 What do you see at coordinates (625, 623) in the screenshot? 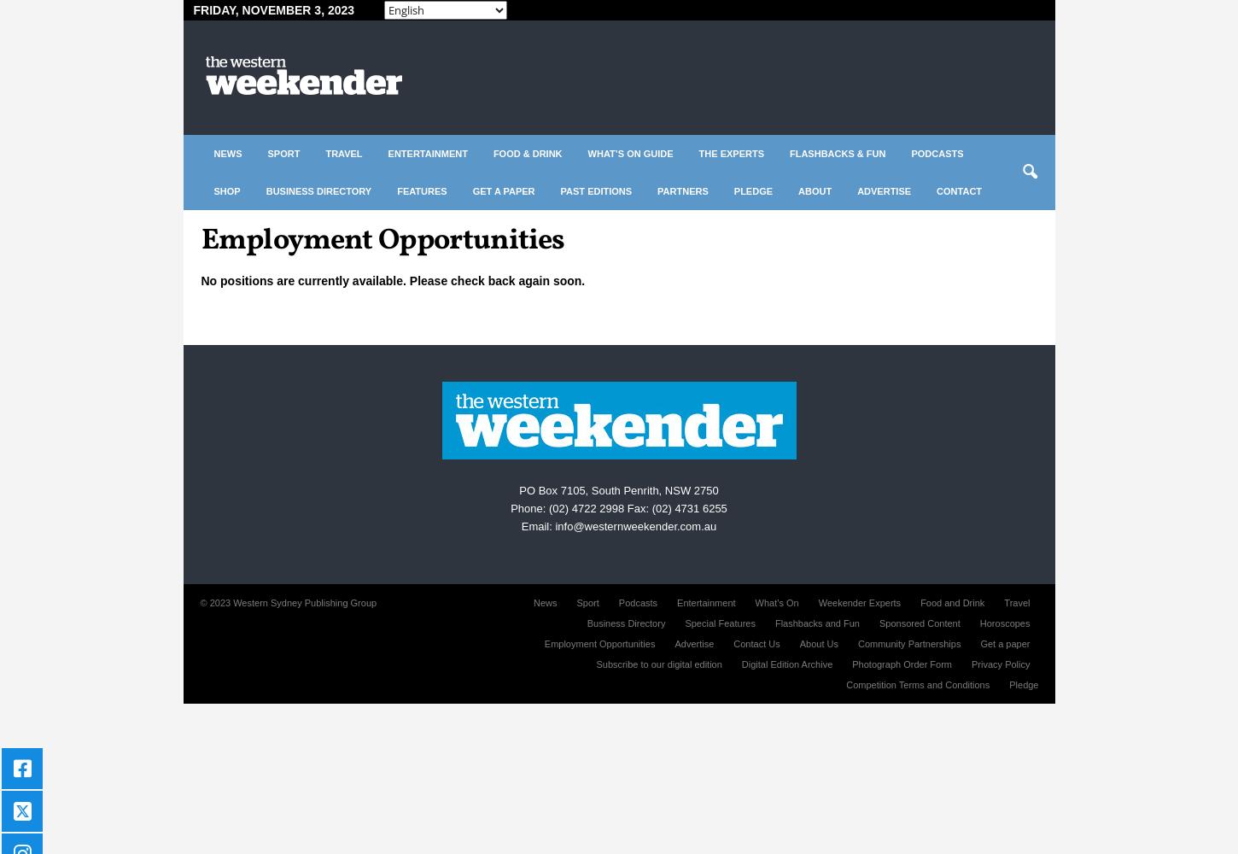
I see `'Business Directory'` at bounding box center [625, 623].